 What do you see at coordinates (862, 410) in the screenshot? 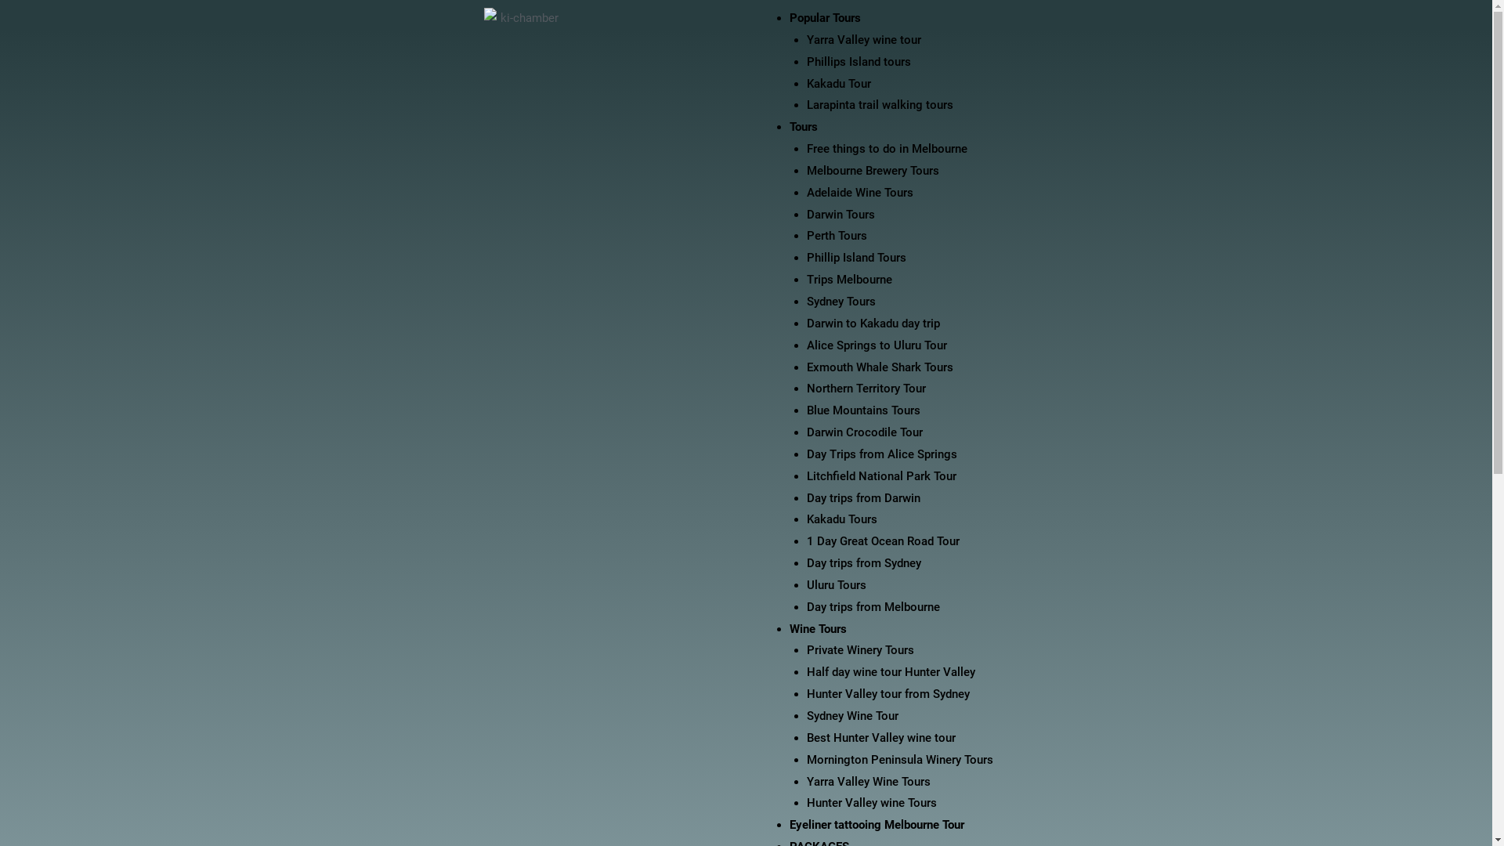
I see `'Blue Mountains Tours'` at bounding box center [862, 410].